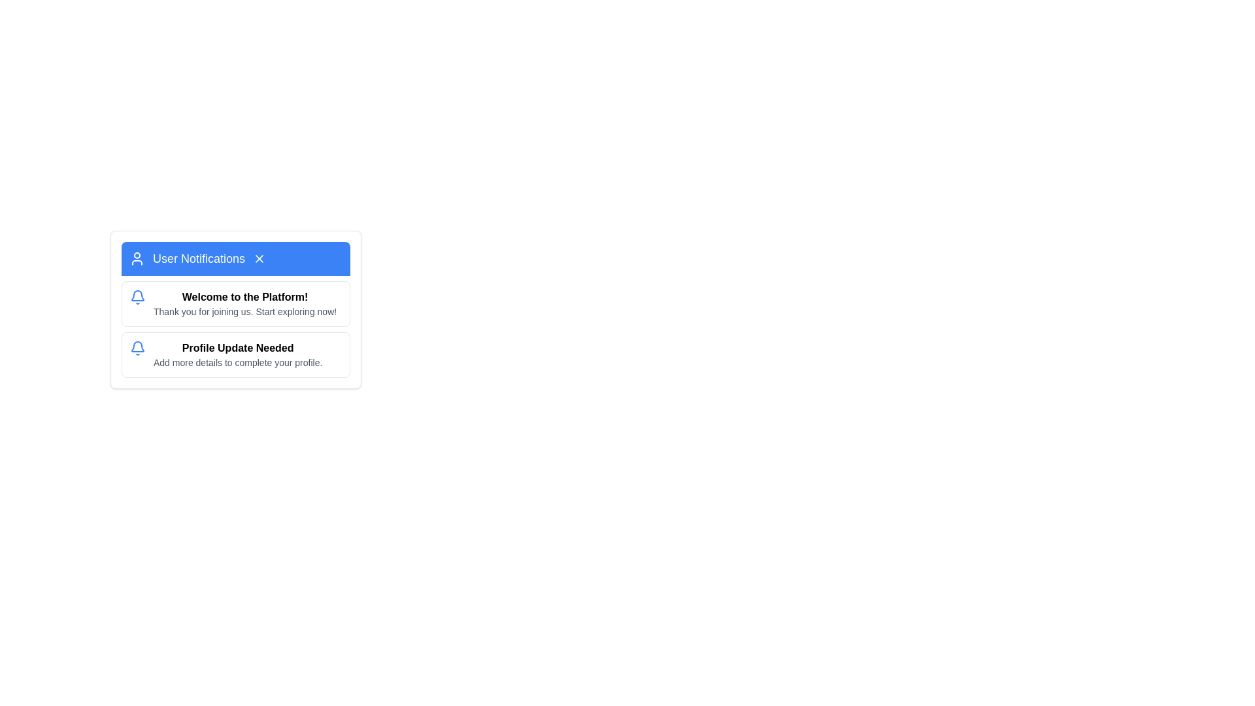 This screenshot has width=1255, height=706. I want to click on text content of the notification message that states 'Profile Update Needed' and 'Add more details to complete your profile.' positioned in the middle of the notification card, so click(238, 355).